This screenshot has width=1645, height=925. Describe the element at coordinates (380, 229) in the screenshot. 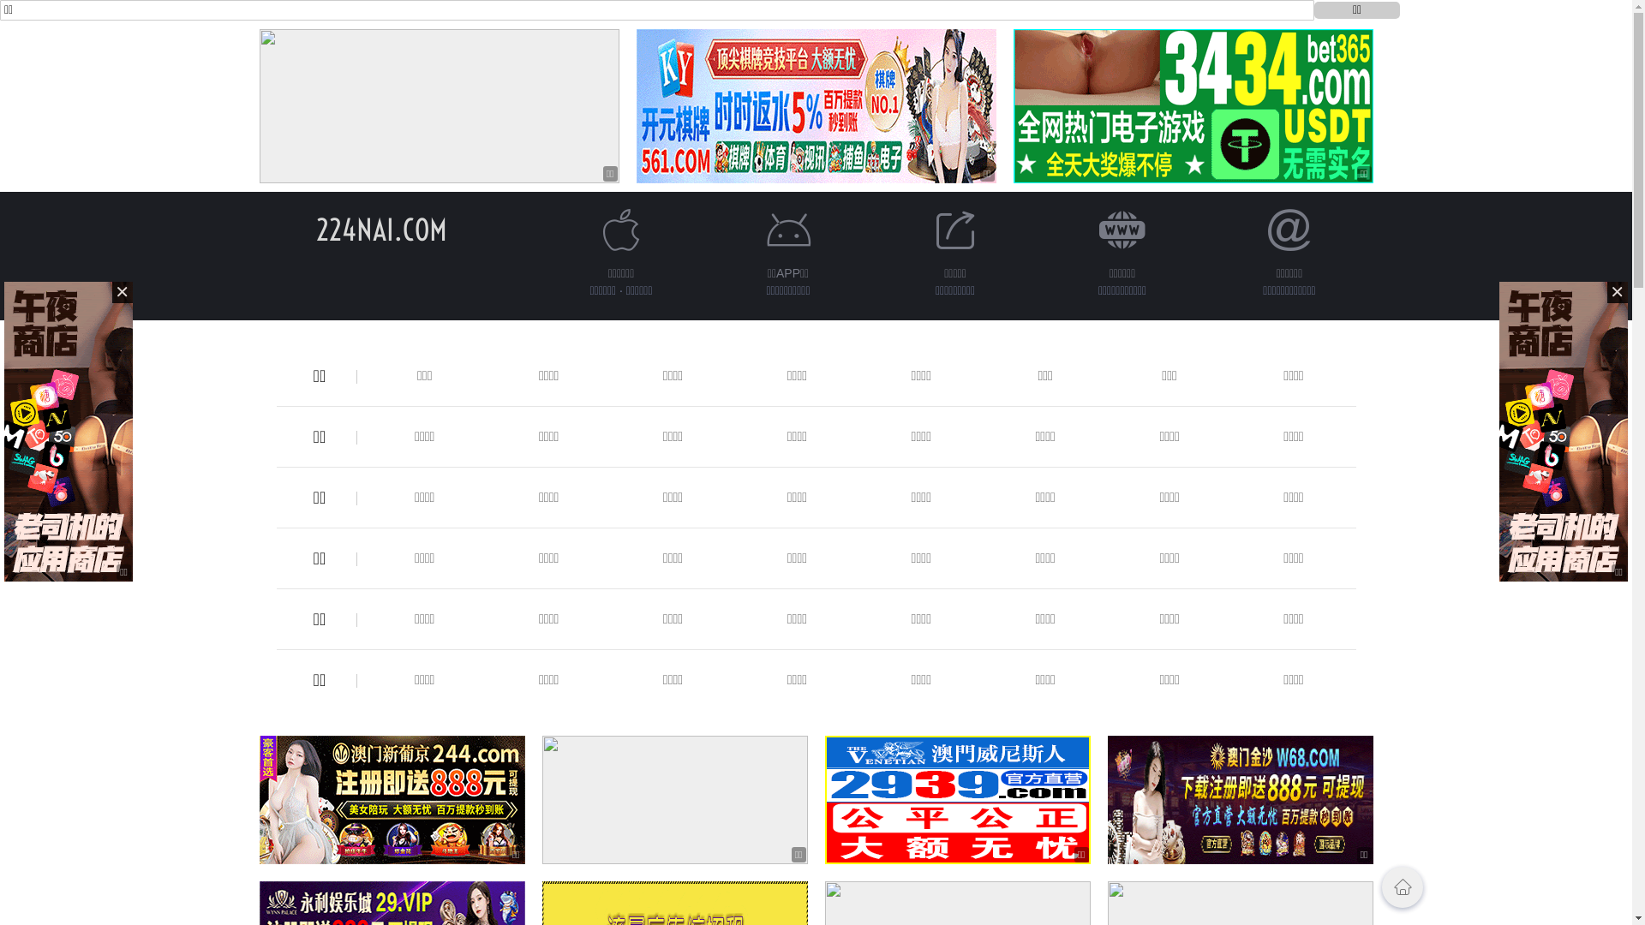

I see `'224NAI.COM'` at that location.